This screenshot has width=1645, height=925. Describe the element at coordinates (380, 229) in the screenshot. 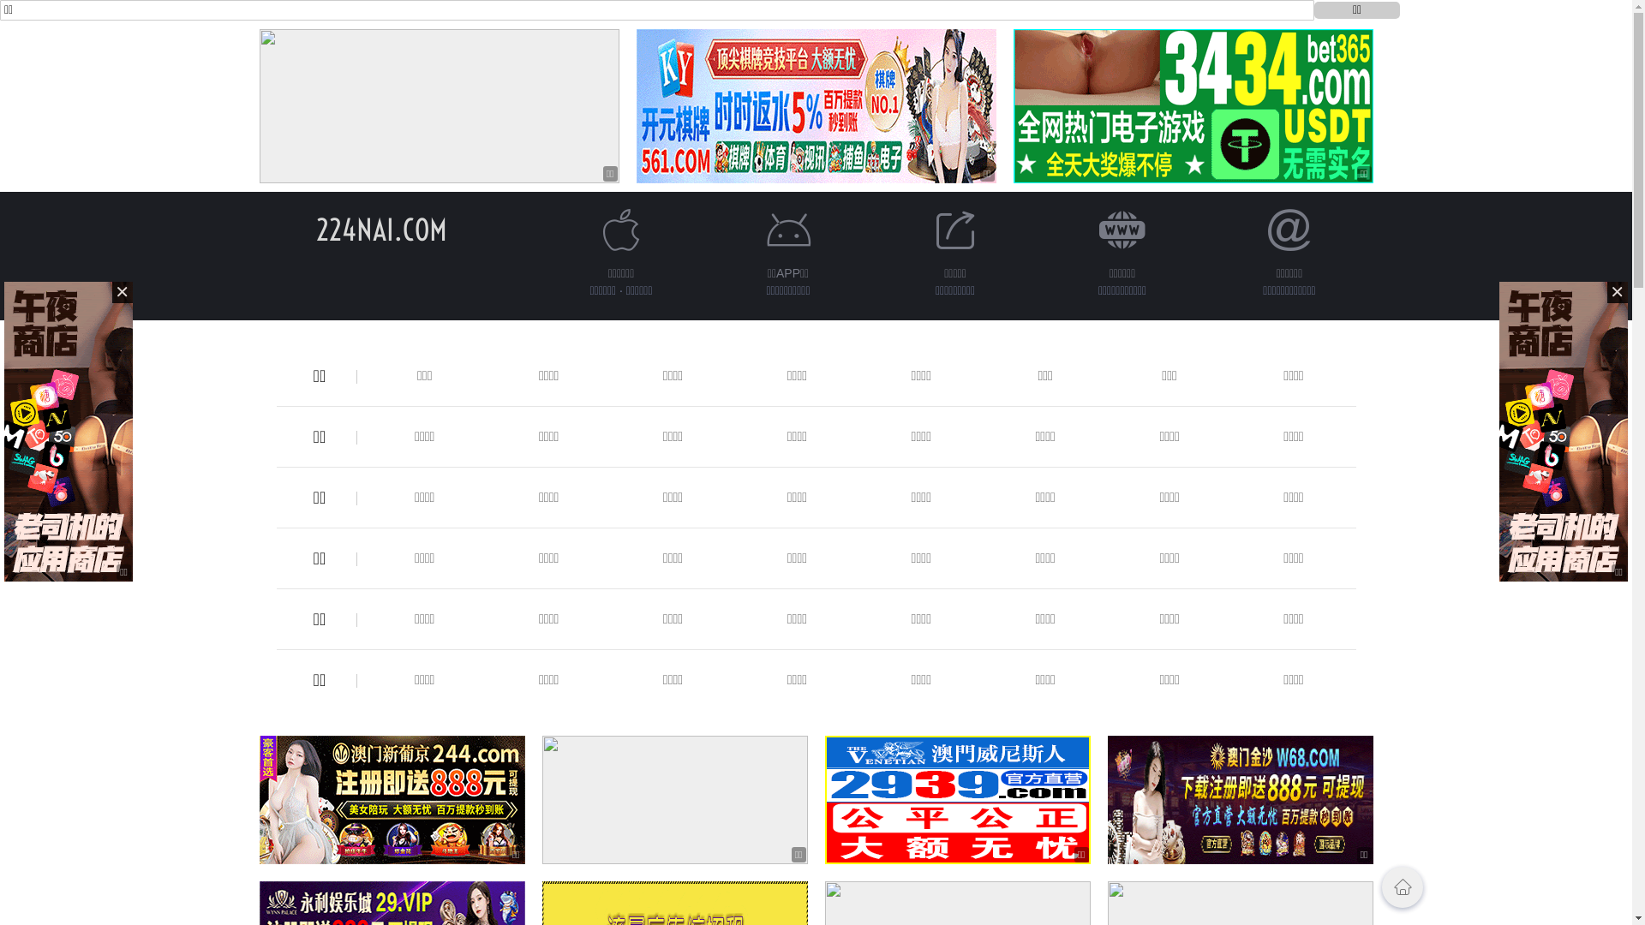

I see `'224NAI.COM'` at that location.